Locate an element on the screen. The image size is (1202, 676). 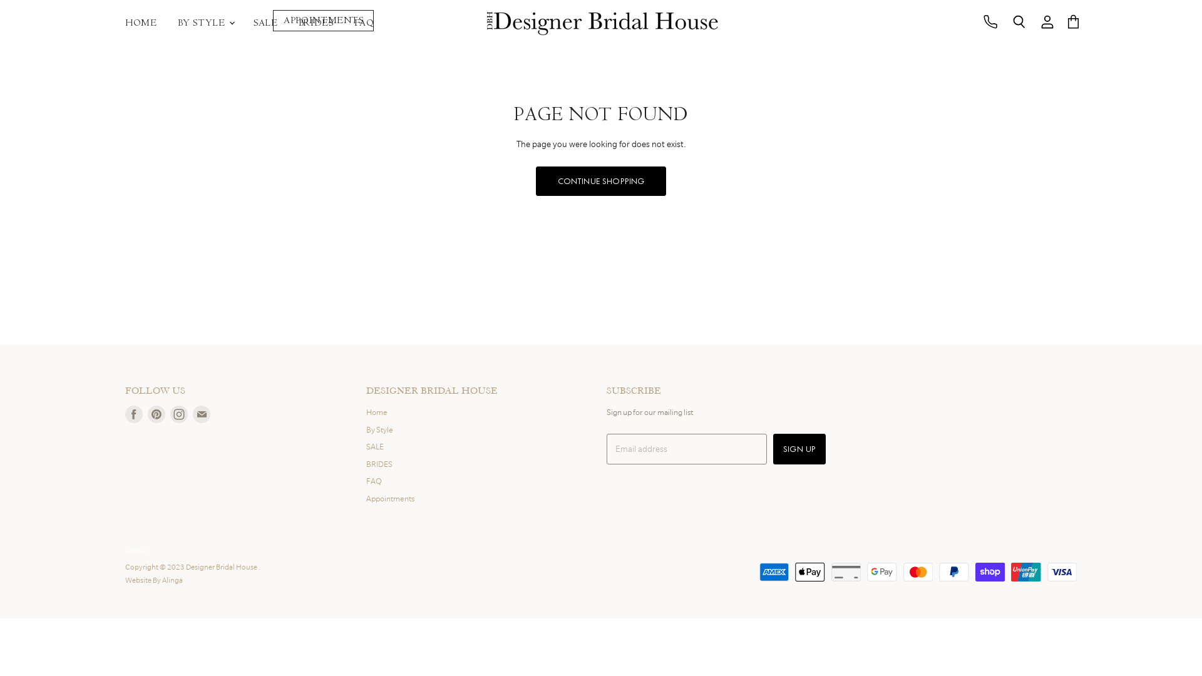
'APPOINTMENTS' is located at coordinates (323, 21).